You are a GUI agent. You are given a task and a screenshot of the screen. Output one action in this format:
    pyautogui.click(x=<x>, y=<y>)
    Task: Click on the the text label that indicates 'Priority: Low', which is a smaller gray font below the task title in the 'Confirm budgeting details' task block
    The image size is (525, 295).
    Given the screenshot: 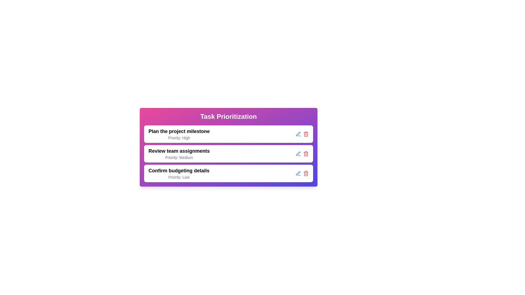 What is the action you would take?
    pyautogui.click(x=179, y=177)
    